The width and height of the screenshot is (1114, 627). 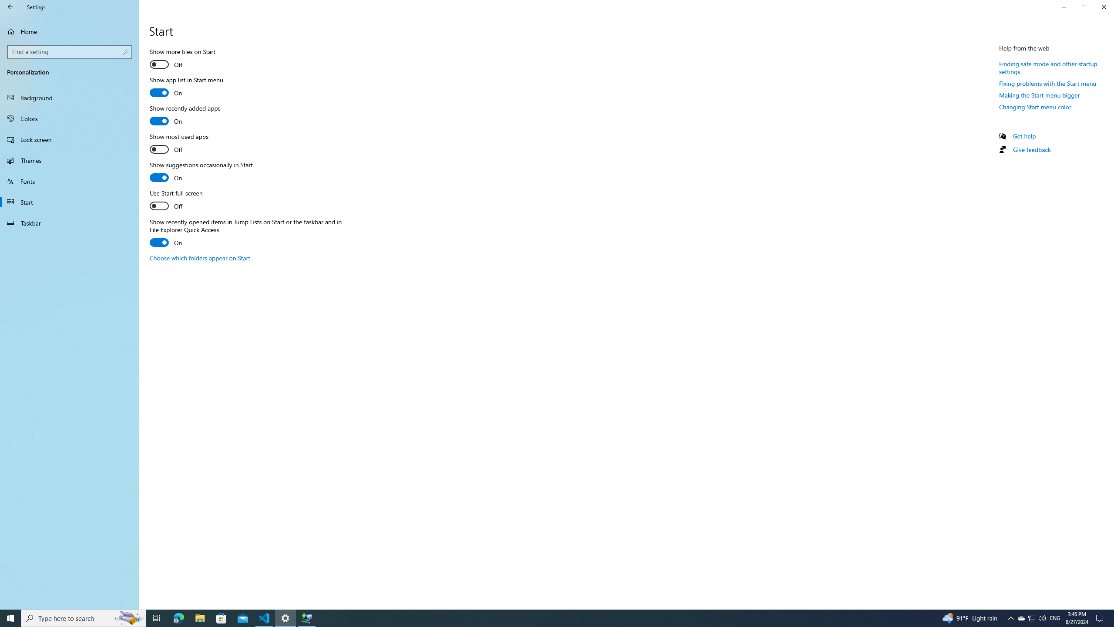 I want to click on 'Minimize Settings', so click(x=1063, y=7).